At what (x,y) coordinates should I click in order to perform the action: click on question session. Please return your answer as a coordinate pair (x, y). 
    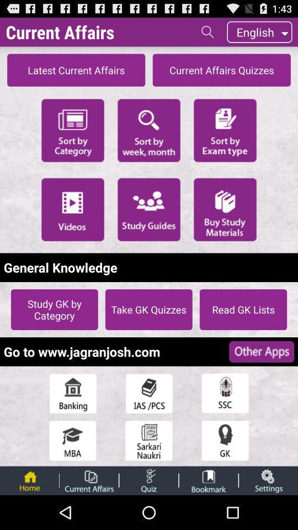
    Looking at the image, I should click on (148, 480).